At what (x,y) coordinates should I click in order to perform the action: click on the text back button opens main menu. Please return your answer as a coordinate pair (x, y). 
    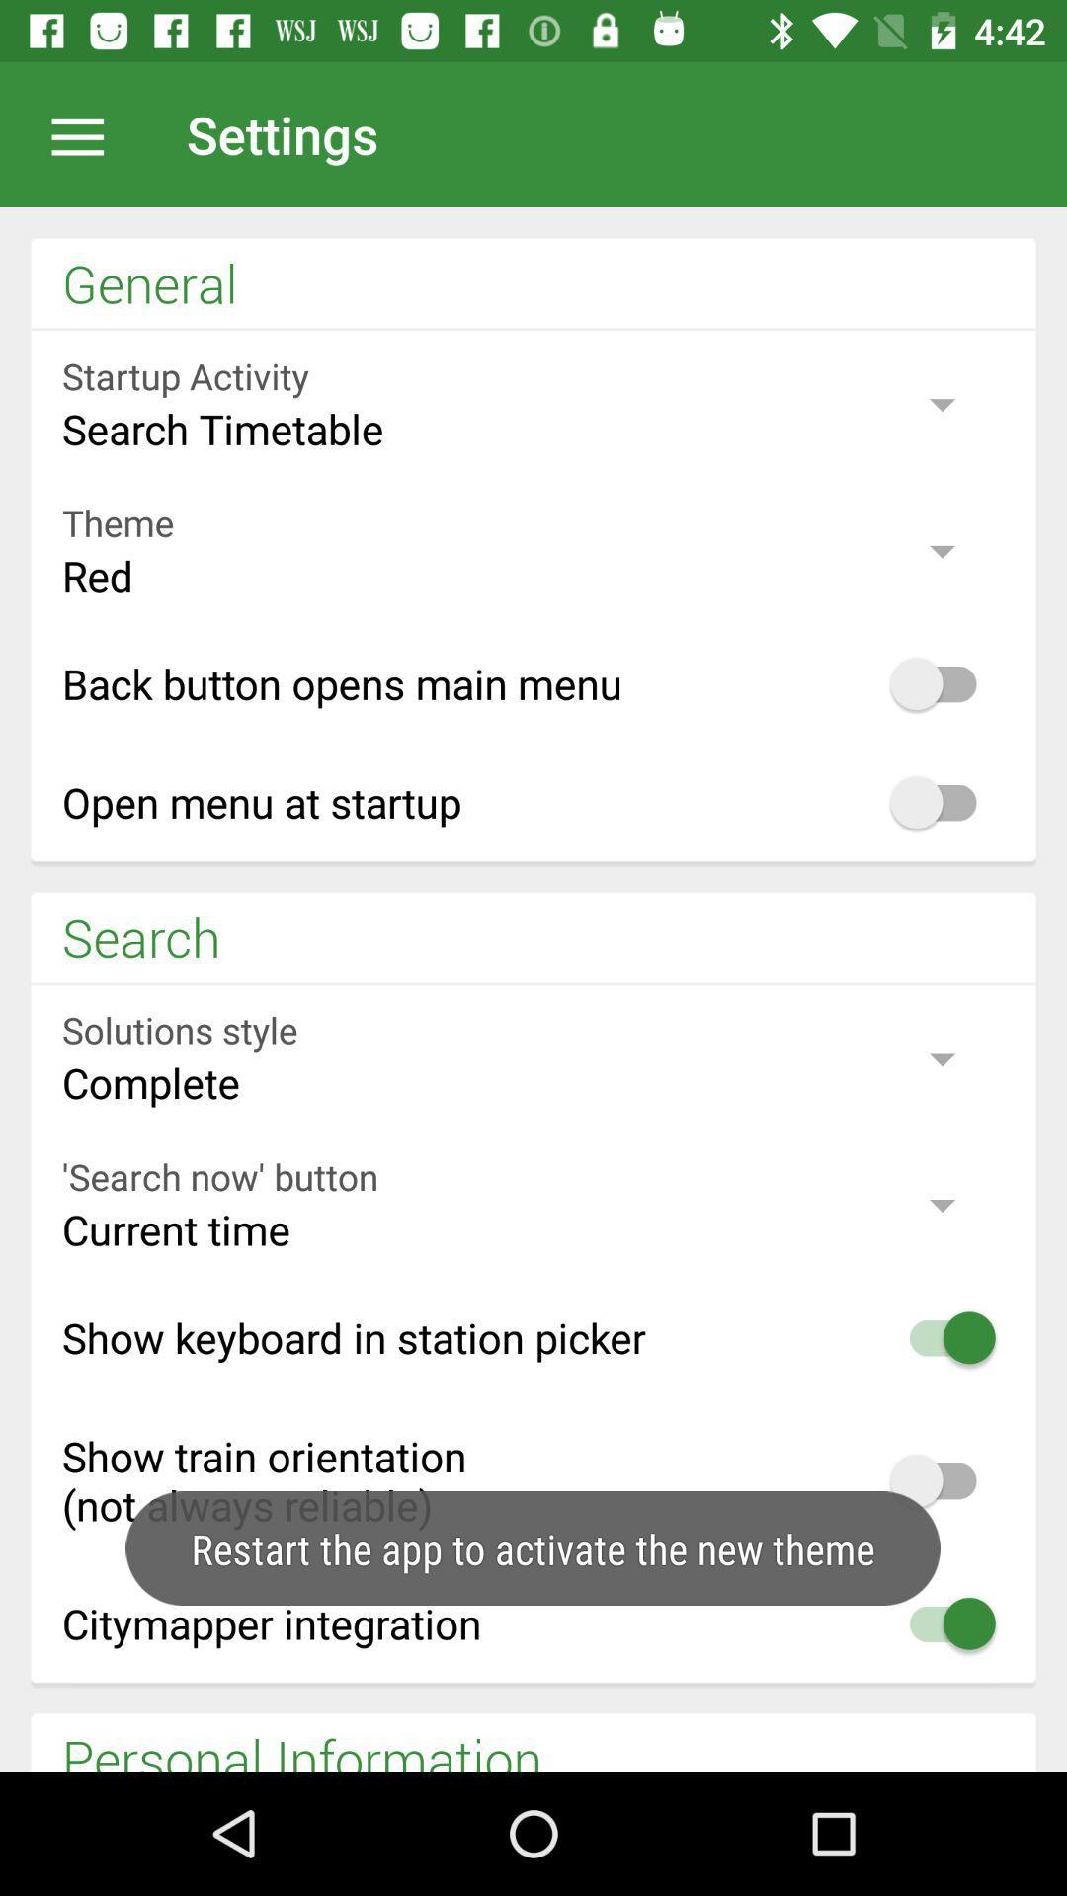
    Looking at the image, I should click on (533, 682).